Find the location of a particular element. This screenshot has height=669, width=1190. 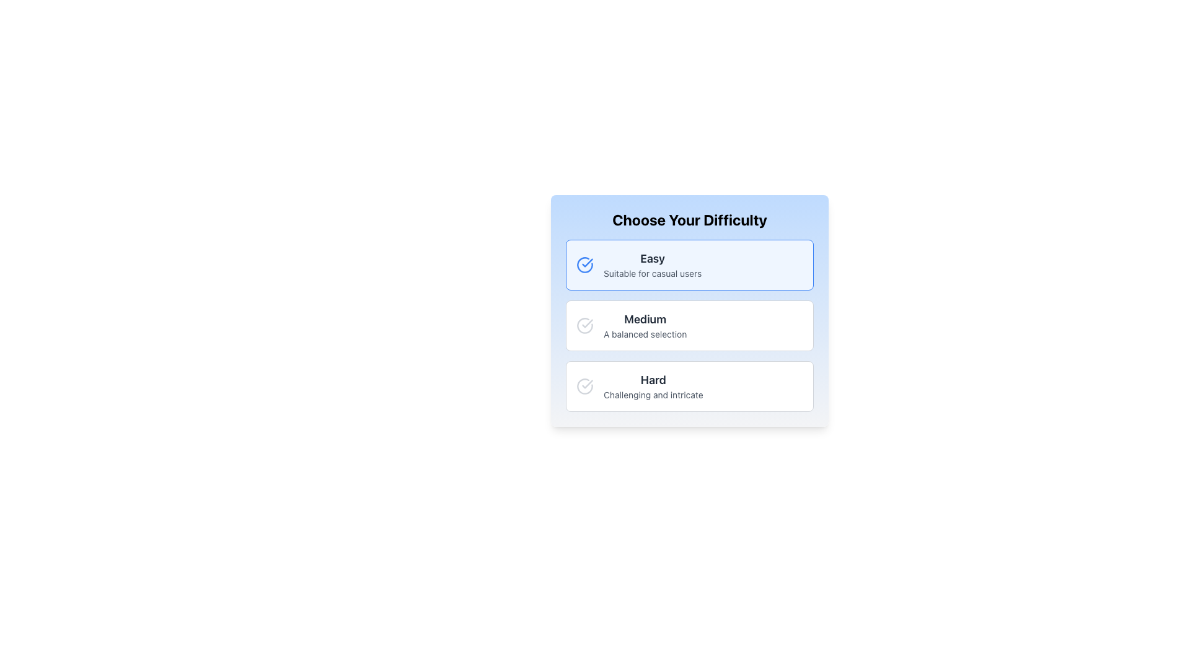

the selectable option for medium difficulty level located between the 'Easy' and 'Hard' options, which is part of a grouped selection for choosing a difficulty level is located at coordinates (689, 310).